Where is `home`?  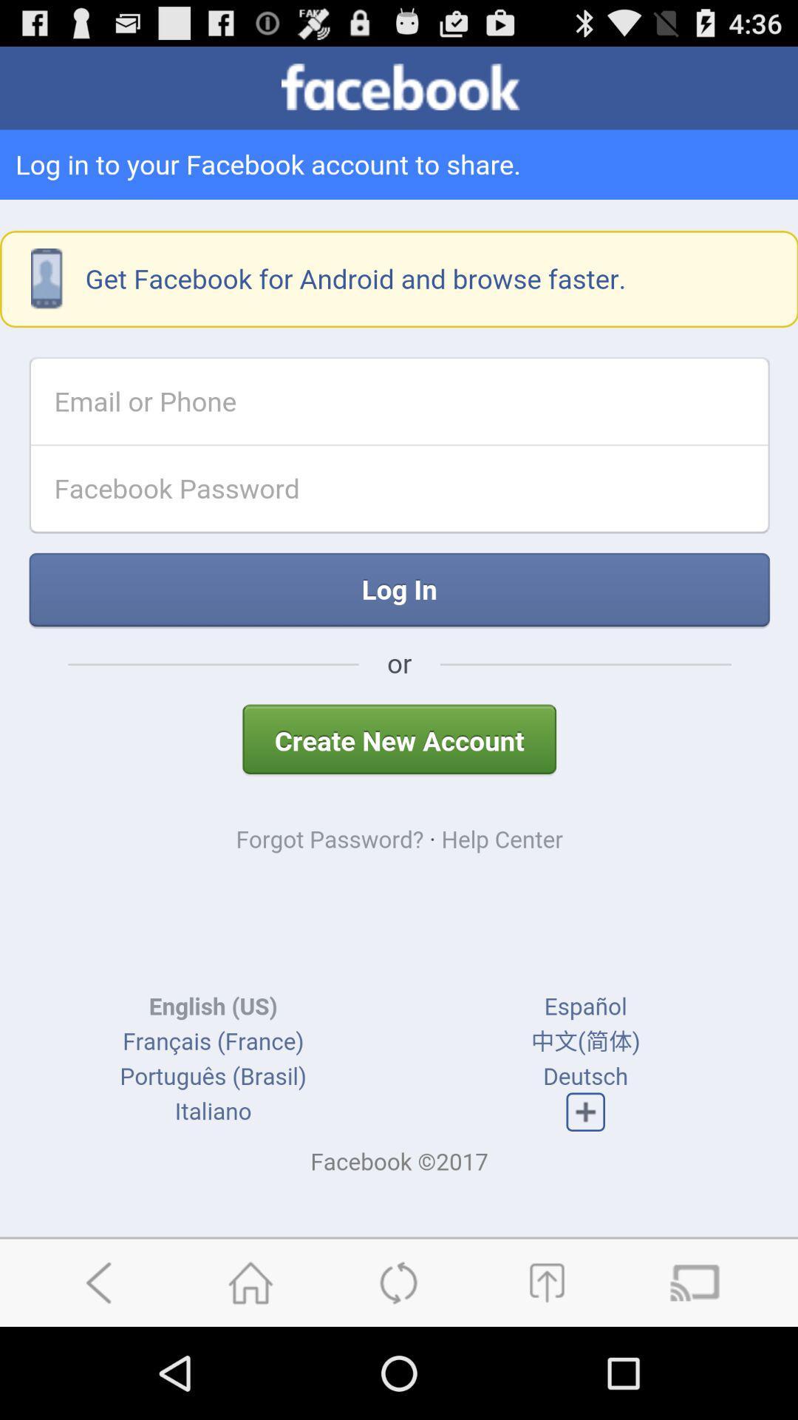
home is located at coordinates (250, 1282).